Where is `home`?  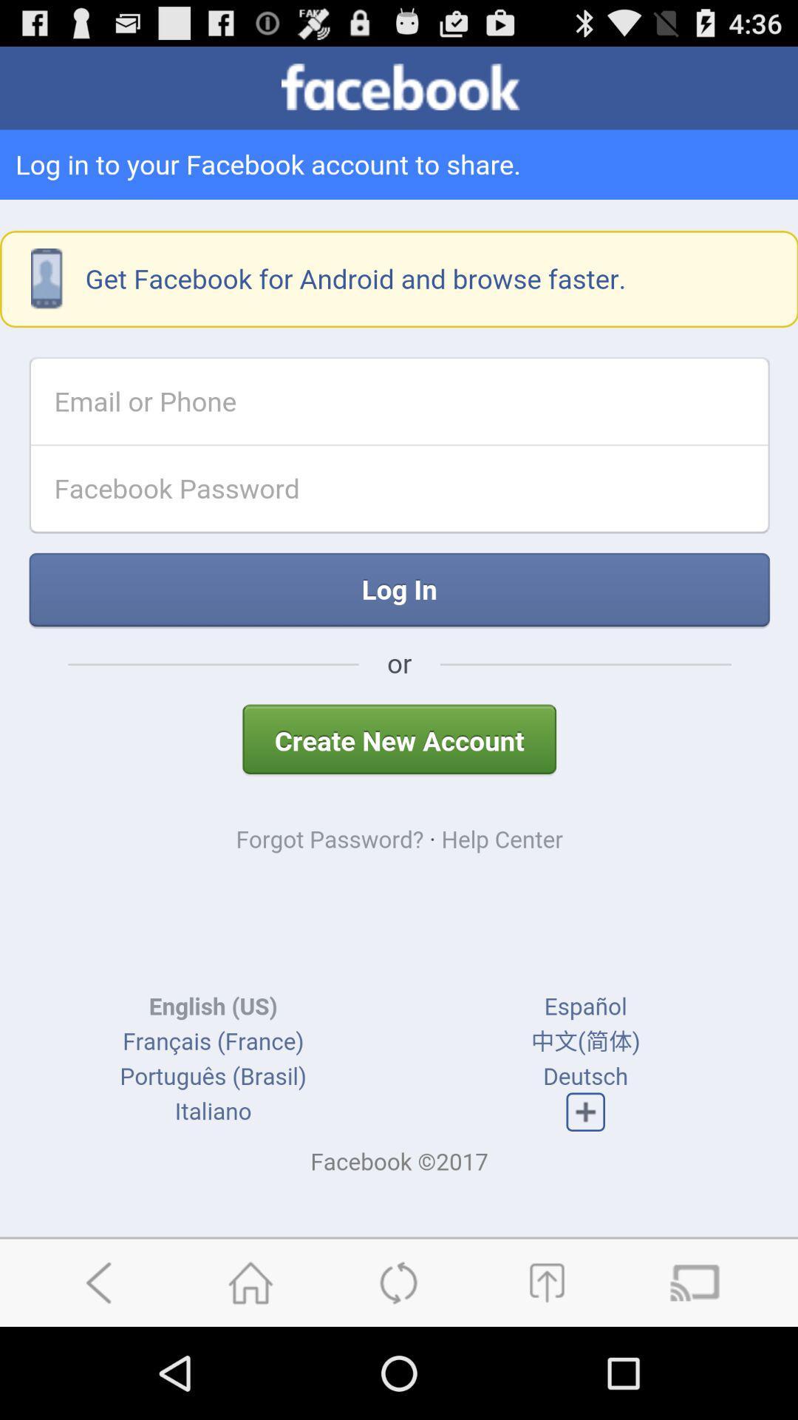
home is located at coordinates (250, 1282).